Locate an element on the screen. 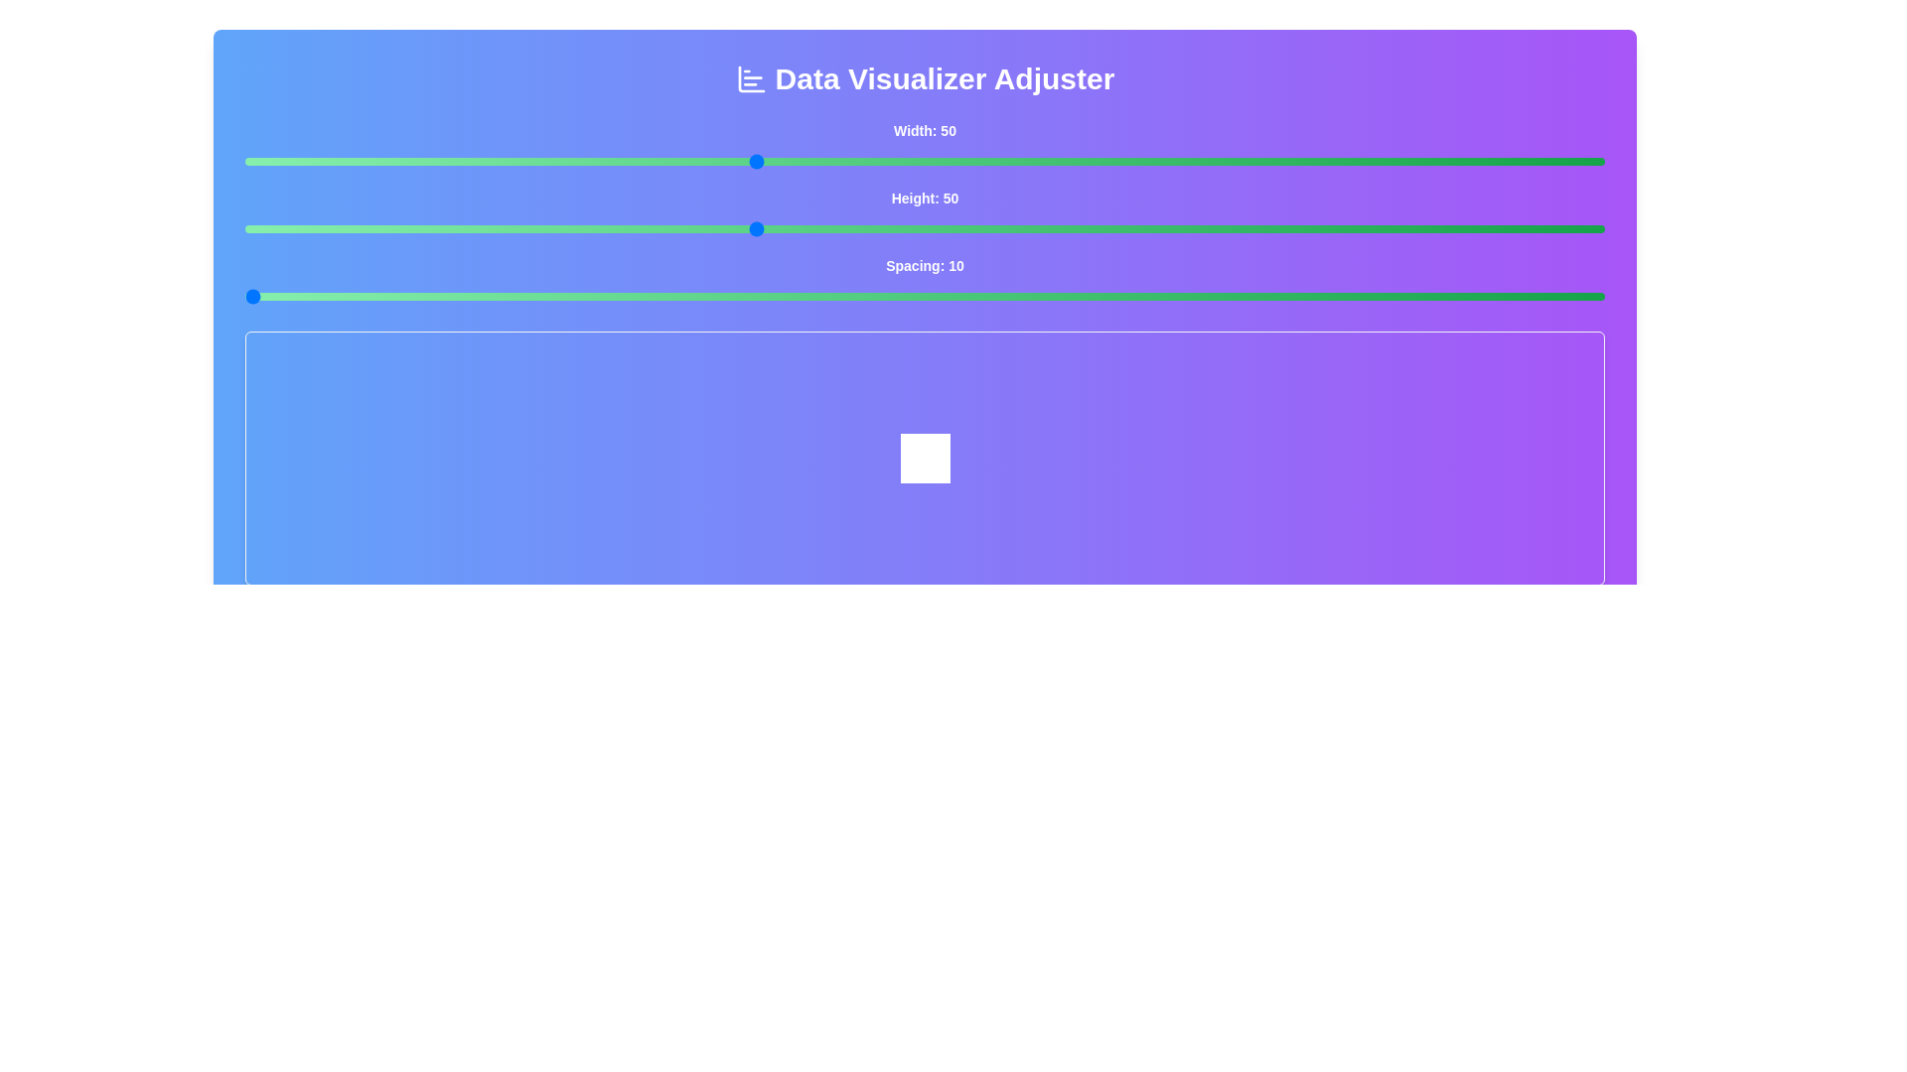 Image resolution: width=1907 pixels, height=1072 pixels. the 'Width' slider to 20 is located at coordinates (243, 160).